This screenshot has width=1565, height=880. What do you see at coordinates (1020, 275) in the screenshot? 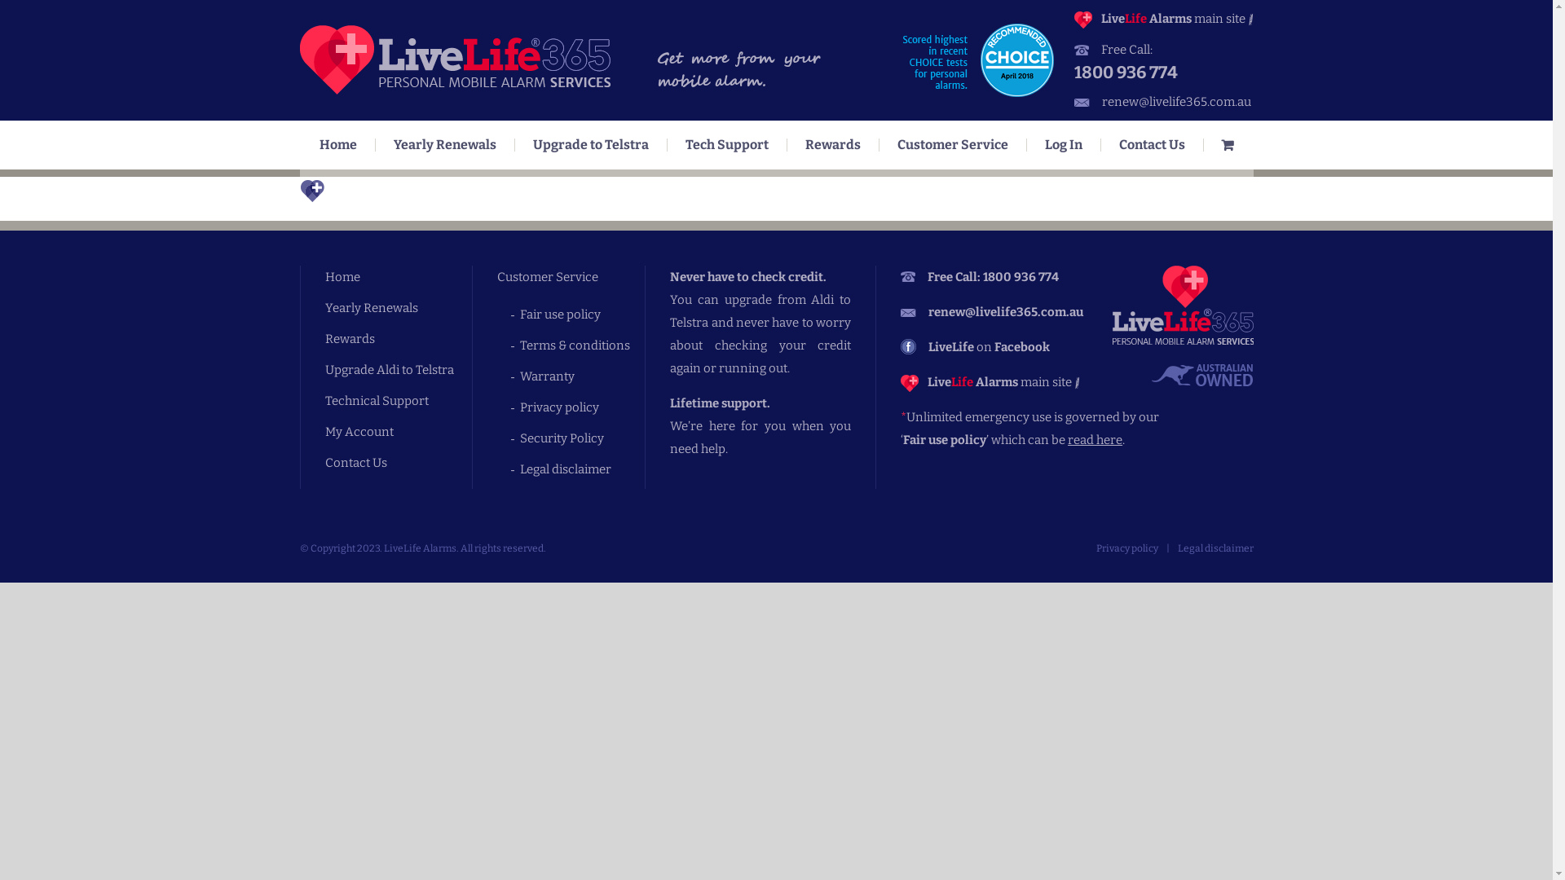
I see `'1800 936 774'` at bounding box center [1020, 275].